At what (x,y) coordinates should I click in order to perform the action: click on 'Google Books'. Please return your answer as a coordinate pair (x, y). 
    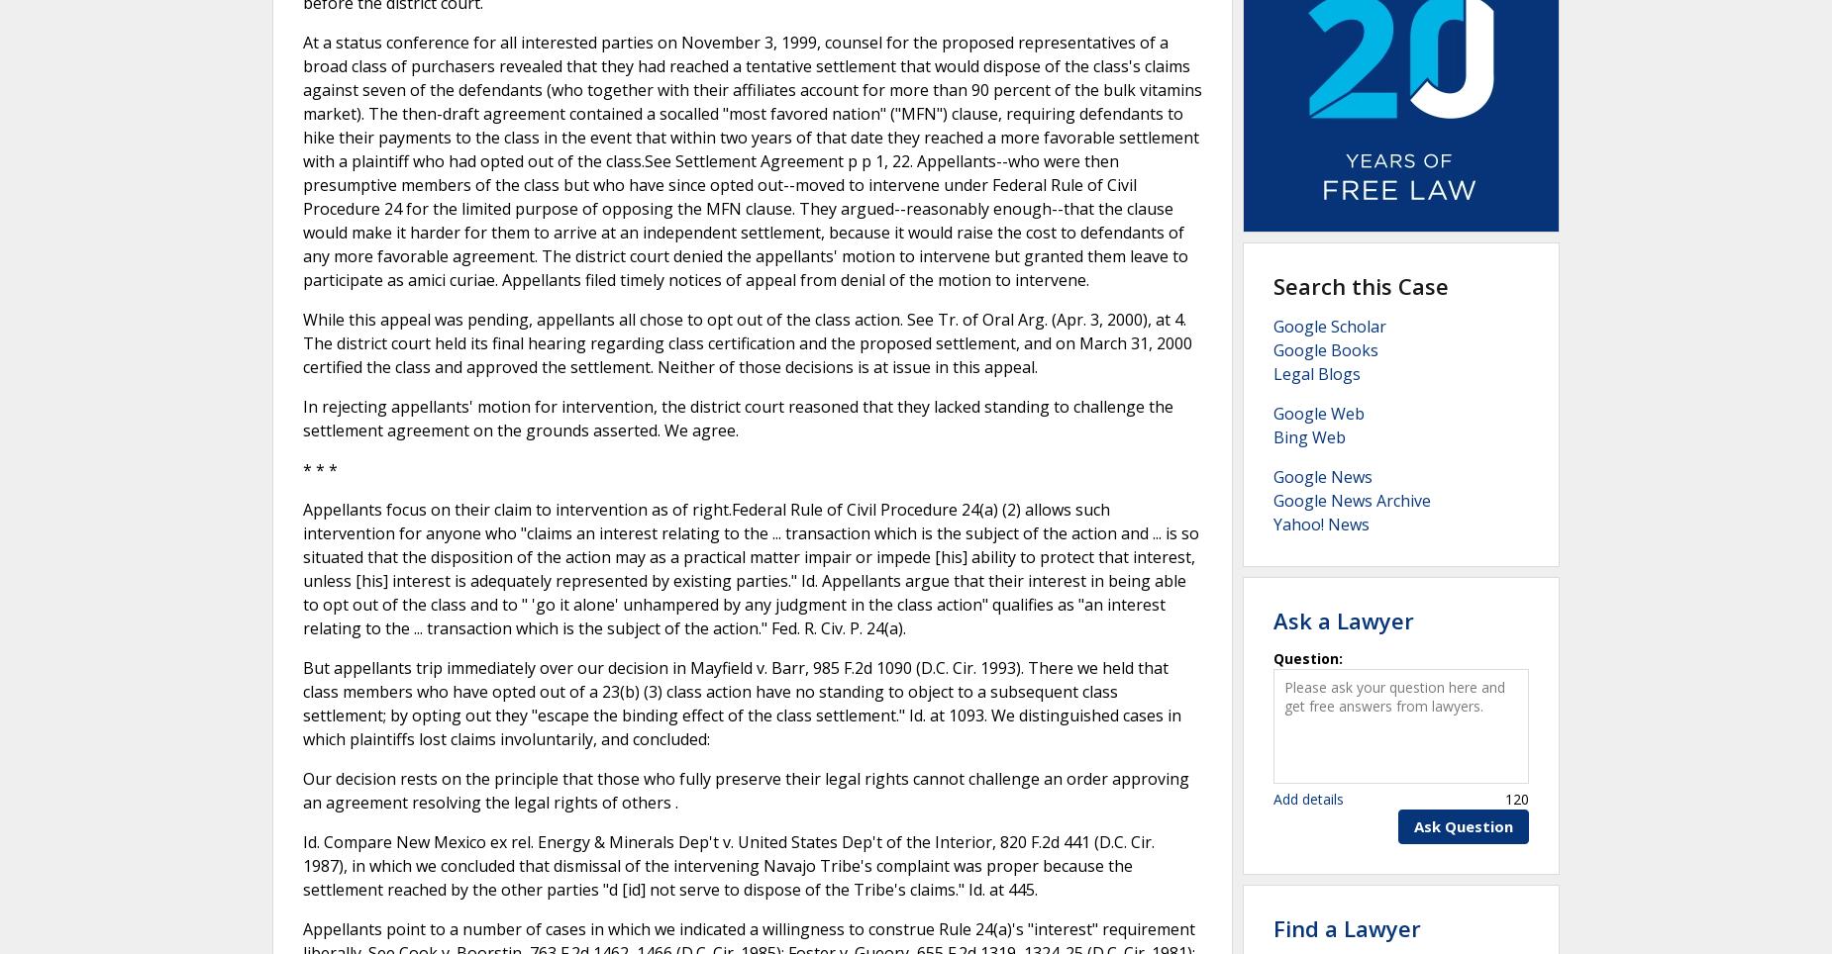
    Looking at the image, I should click on (1325, 348).